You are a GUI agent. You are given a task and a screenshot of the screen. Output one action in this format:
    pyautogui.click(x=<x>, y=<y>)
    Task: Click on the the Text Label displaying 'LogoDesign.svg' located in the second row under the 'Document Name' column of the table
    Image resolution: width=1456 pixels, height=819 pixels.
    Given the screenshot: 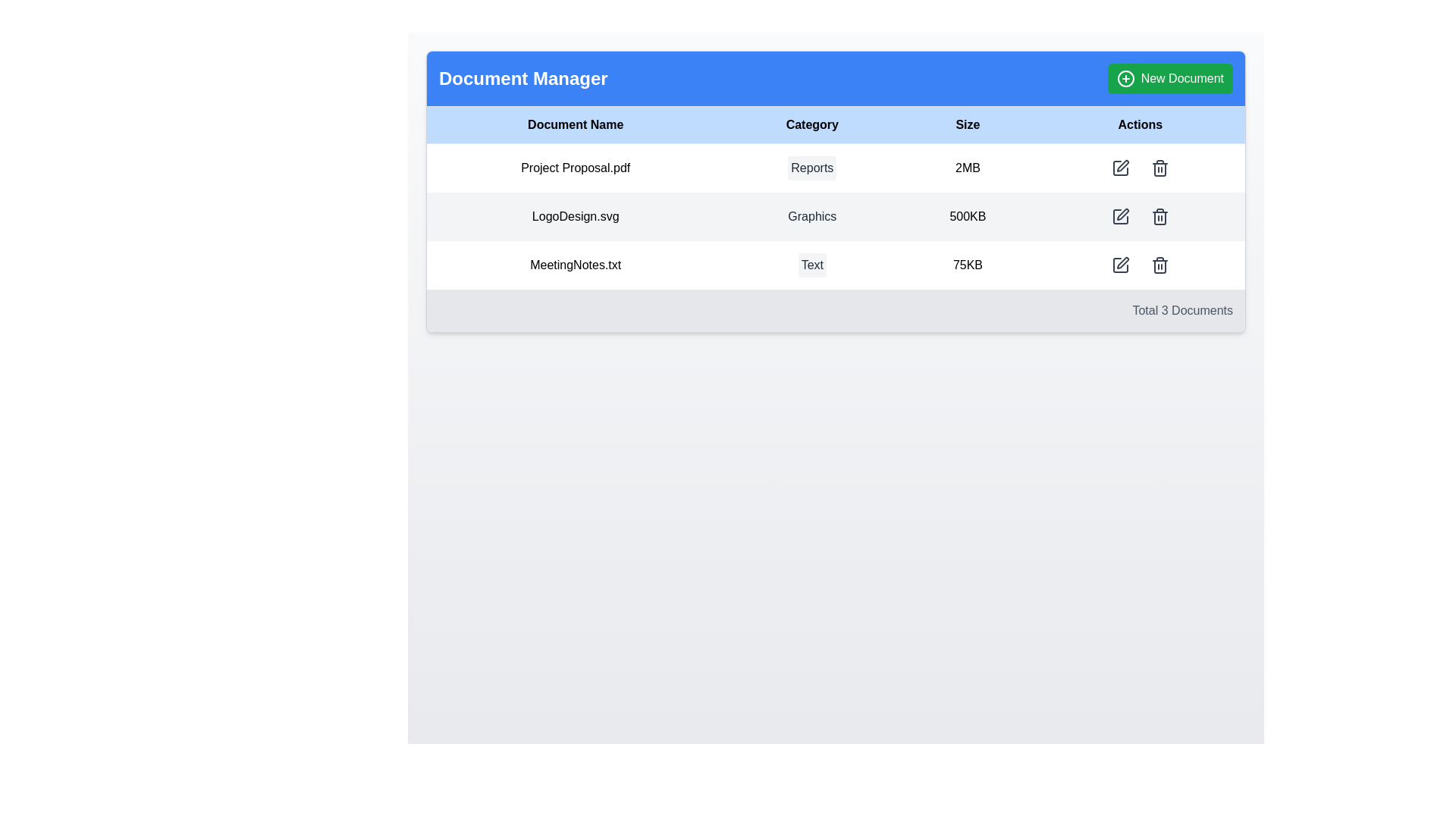 What is the action you would take?
    pyautogui.click(x=575, y=216)
    